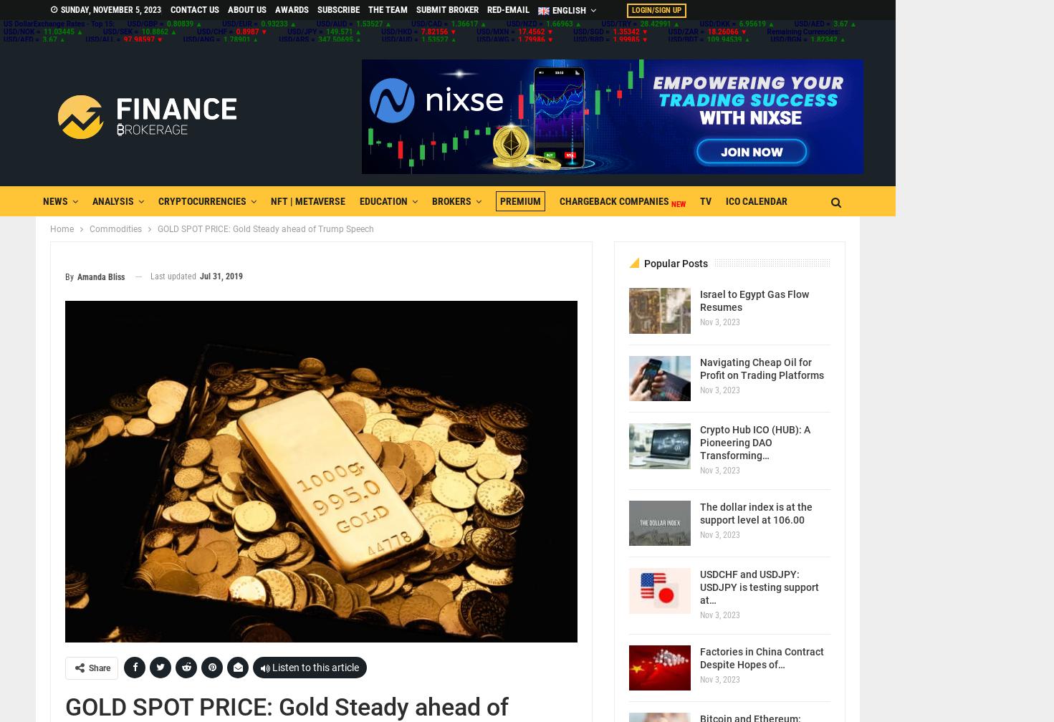  I want to click on 'Analysis', so click(112, 201).